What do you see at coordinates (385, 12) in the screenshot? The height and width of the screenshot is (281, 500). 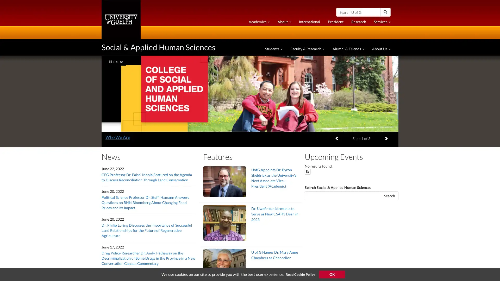 I see `Search` at bounding box center [385, 12].